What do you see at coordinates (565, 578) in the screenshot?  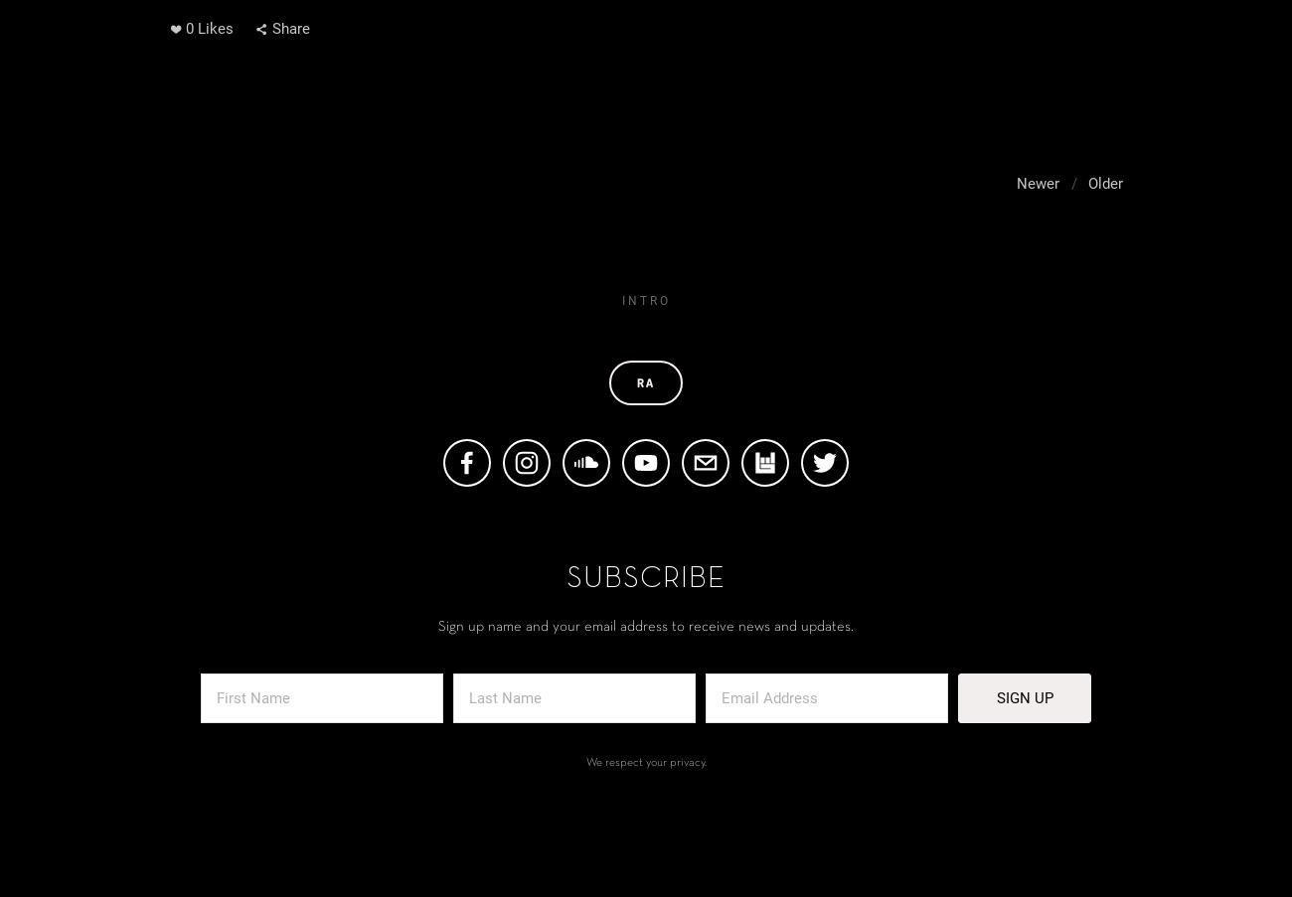 I see `'Subscribe'` at bounding box center [565, 578].